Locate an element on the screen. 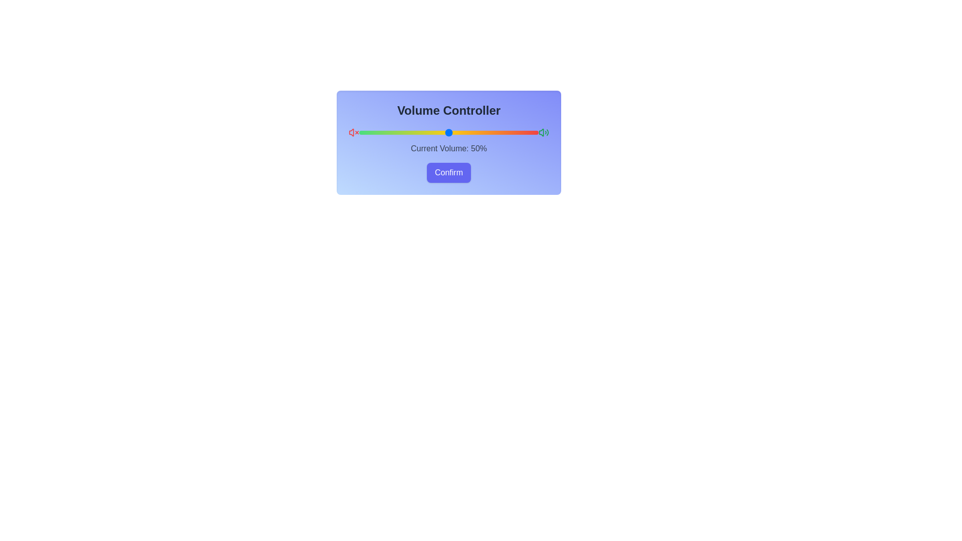 Image resolution: width=962 pixels, height=541 pixels. the volume slider to set the volume to 17% is located at coordinates (389, 132).